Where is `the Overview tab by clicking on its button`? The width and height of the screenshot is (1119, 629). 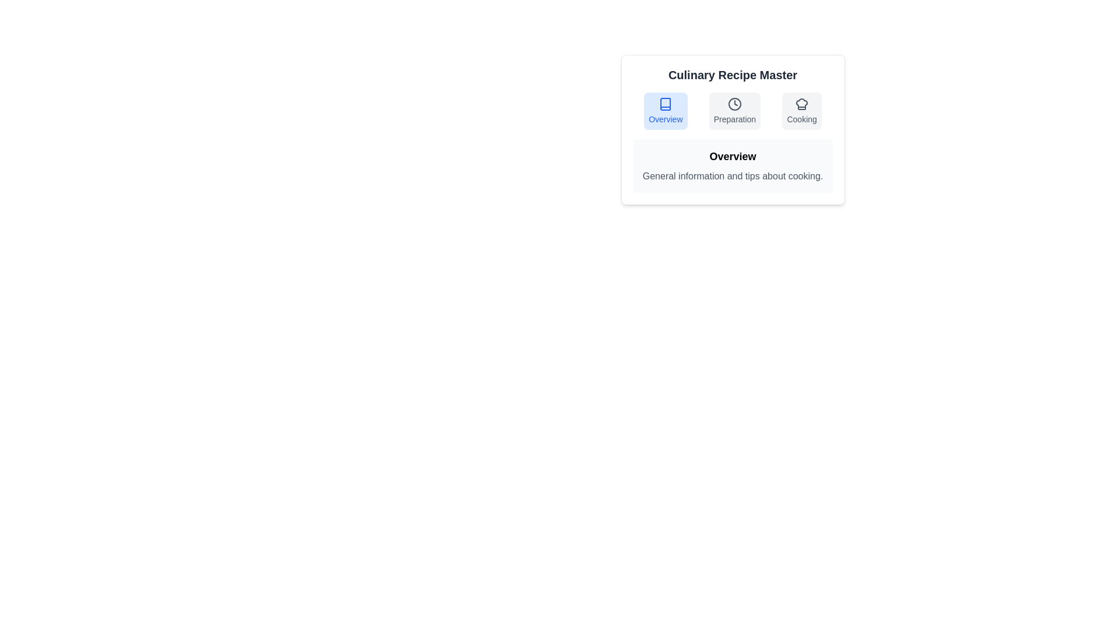
the Overview tab by clicking on its button is located at coordinates (666, 111).